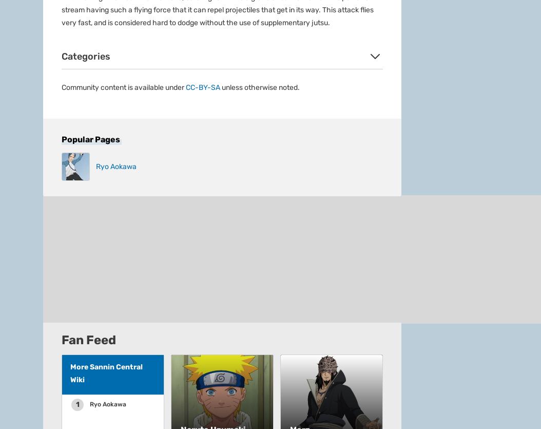 Image resolution: width=541 pixels, height=429 pixels. What do you see at coordinates (139, 167) in the screenshot?
I see `'Take your favorite fandoms with you and never miss a beat.'` at bounding box center [139, 167].